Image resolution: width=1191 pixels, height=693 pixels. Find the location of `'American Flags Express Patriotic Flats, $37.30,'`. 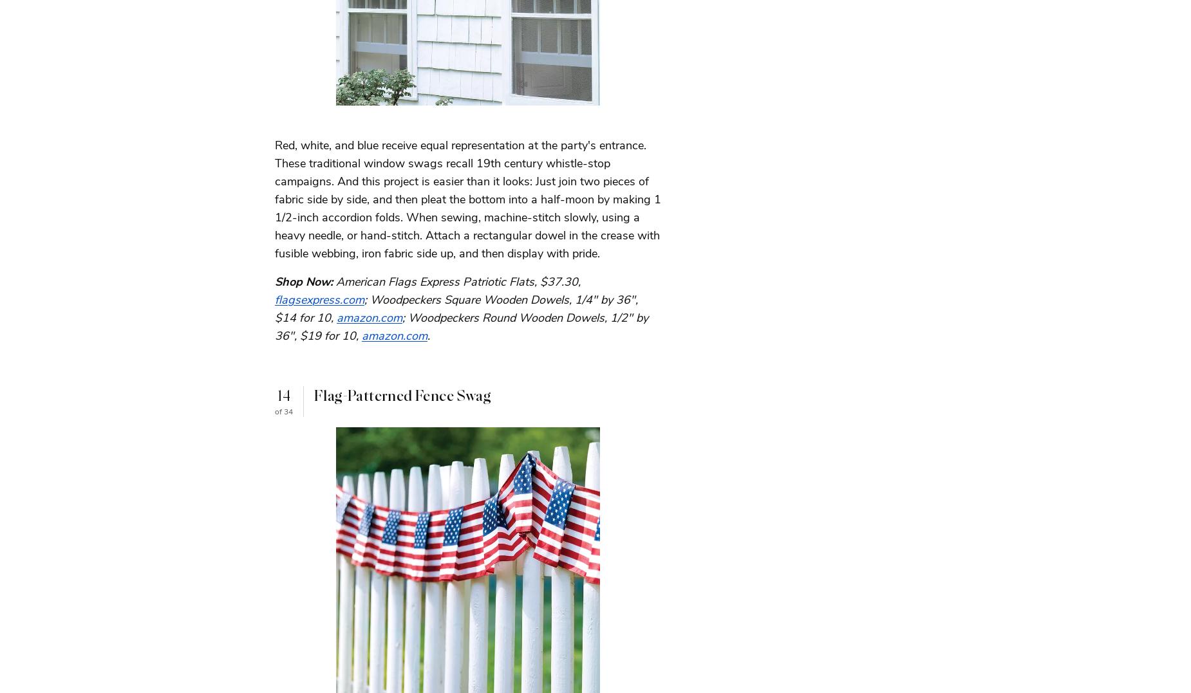

'American Flags Express Patriotic Flats, $37.30,' is located at coordinates (336, 281).